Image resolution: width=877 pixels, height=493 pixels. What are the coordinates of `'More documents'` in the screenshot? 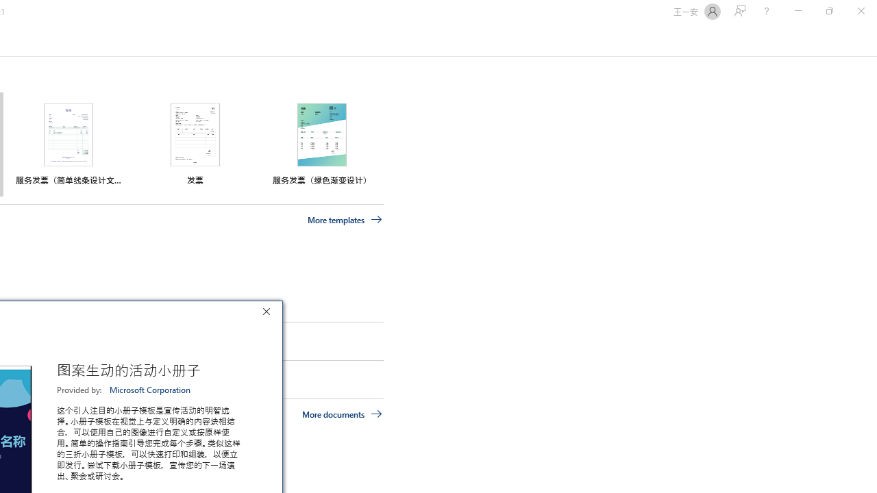 It's located at (342, 413).